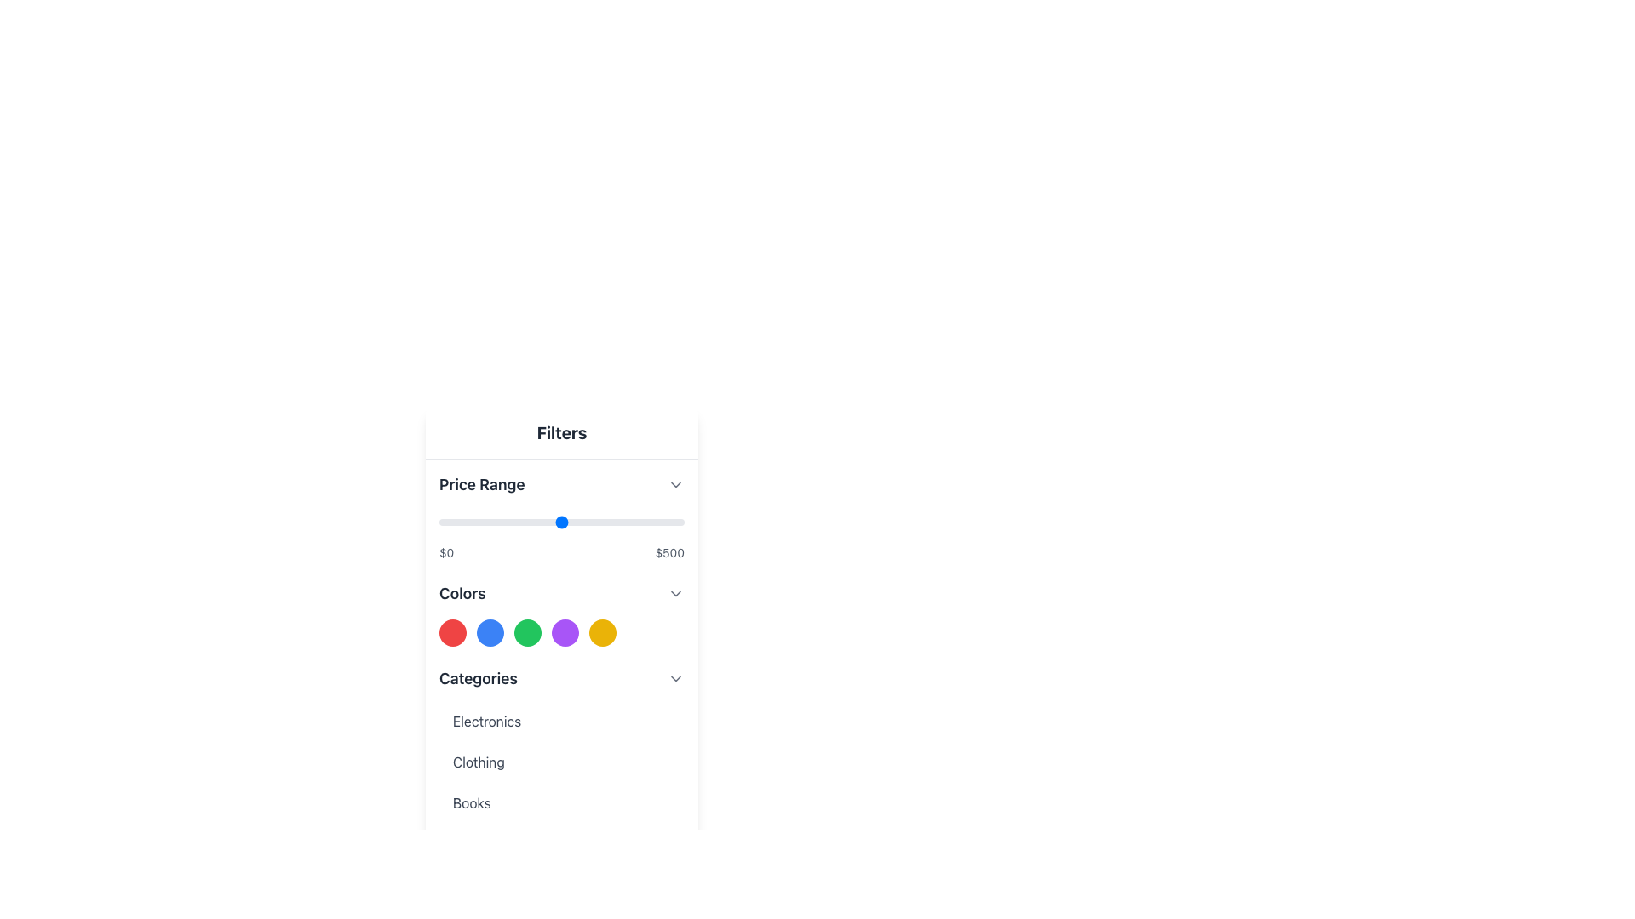 Image resolution: width=1635 pixels, height=919 pixels. I want to click on the slider, so click(599, 521).